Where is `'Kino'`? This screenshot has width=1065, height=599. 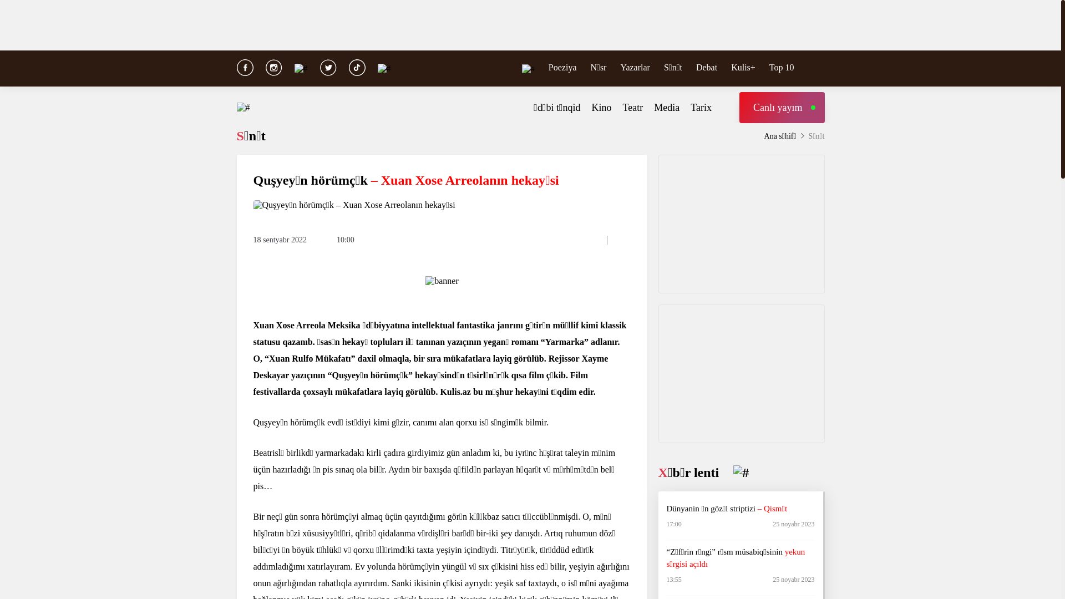 'Kino' is located at coordinates (601, 108).